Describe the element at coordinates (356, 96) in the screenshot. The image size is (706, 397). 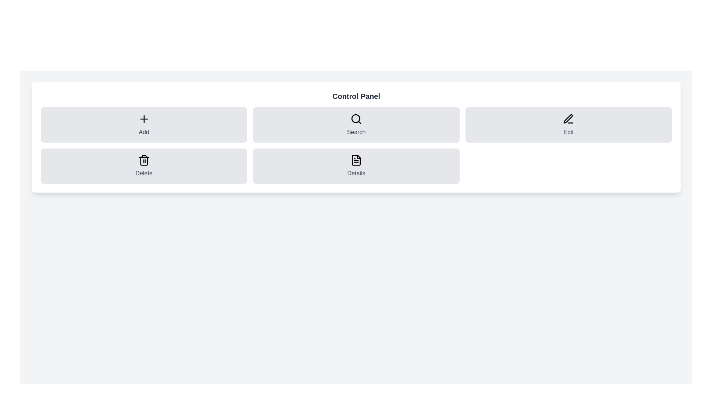
I see `text from the header element which serves as the title for the interface section, located at the topmost position of the card layout` at that location.